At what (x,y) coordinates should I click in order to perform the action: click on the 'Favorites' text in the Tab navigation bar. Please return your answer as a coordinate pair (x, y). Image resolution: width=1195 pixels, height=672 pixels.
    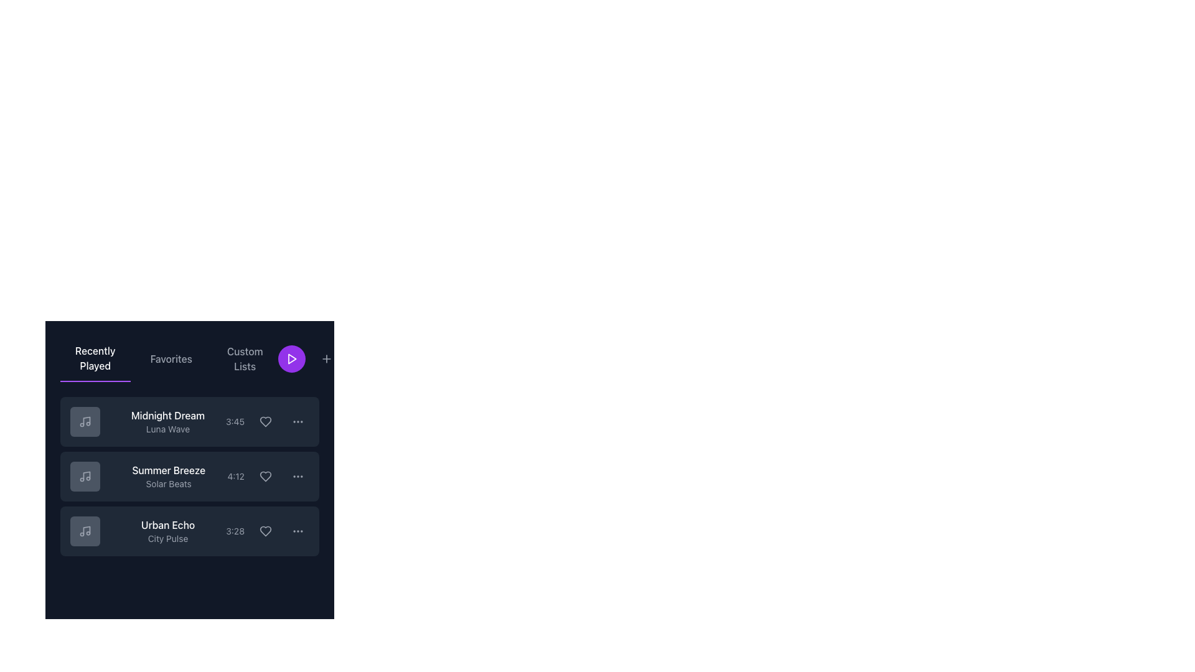
    Looking at the image, I should click on (168, 359).